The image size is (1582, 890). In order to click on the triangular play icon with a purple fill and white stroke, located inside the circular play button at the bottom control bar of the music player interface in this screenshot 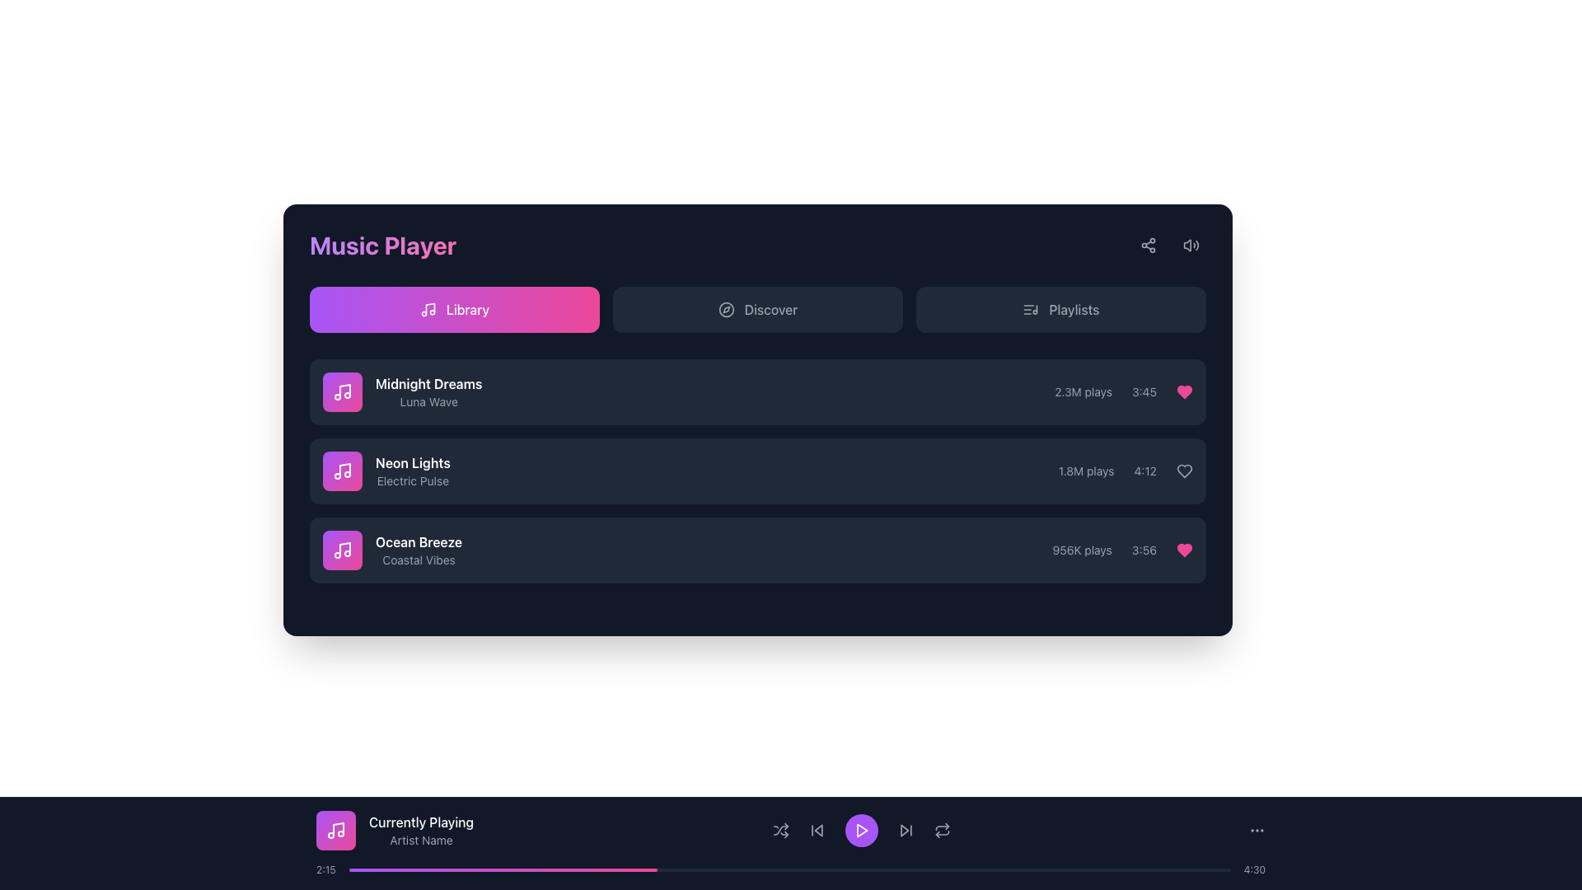, I will do `click(861, 830)`.